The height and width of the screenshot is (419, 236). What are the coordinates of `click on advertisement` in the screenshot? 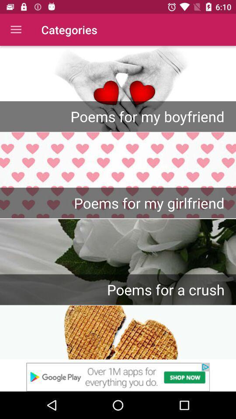 It's located at (118, 377).